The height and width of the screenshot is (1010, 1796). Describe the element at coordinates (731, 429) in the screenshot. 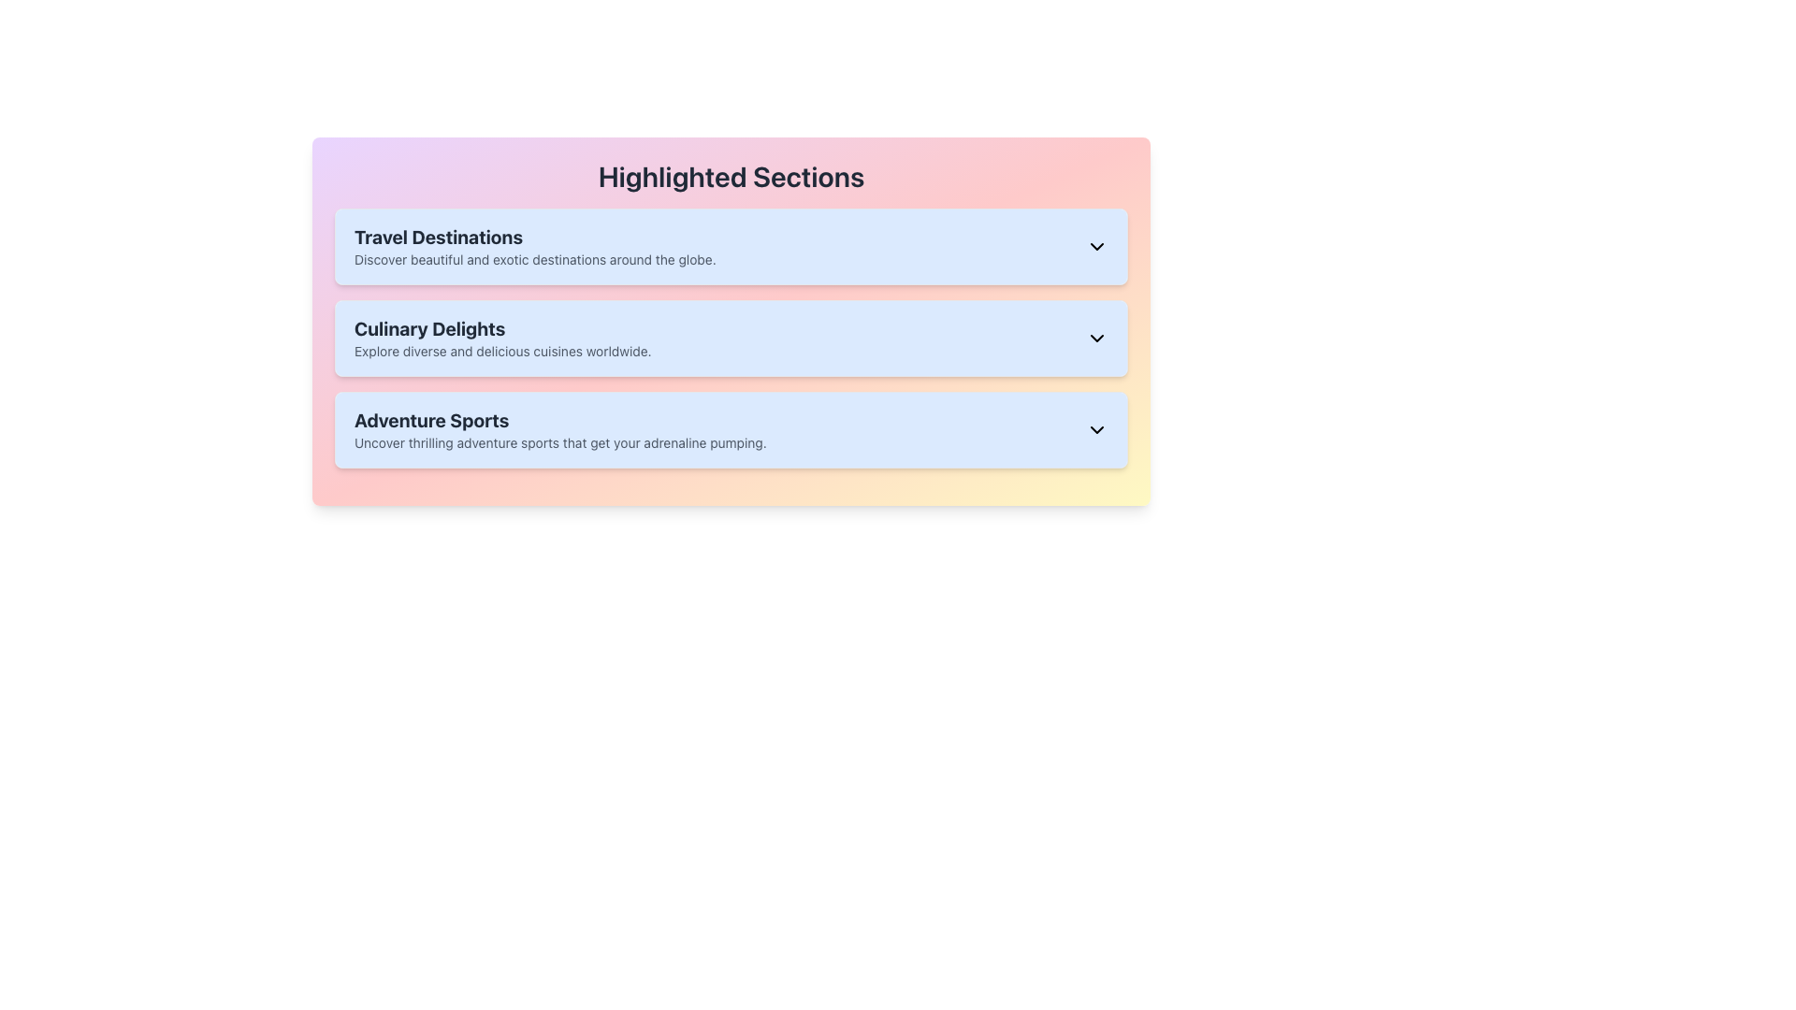

I see `the 'Adventure Sports' Collapsible Section Header` at that location.